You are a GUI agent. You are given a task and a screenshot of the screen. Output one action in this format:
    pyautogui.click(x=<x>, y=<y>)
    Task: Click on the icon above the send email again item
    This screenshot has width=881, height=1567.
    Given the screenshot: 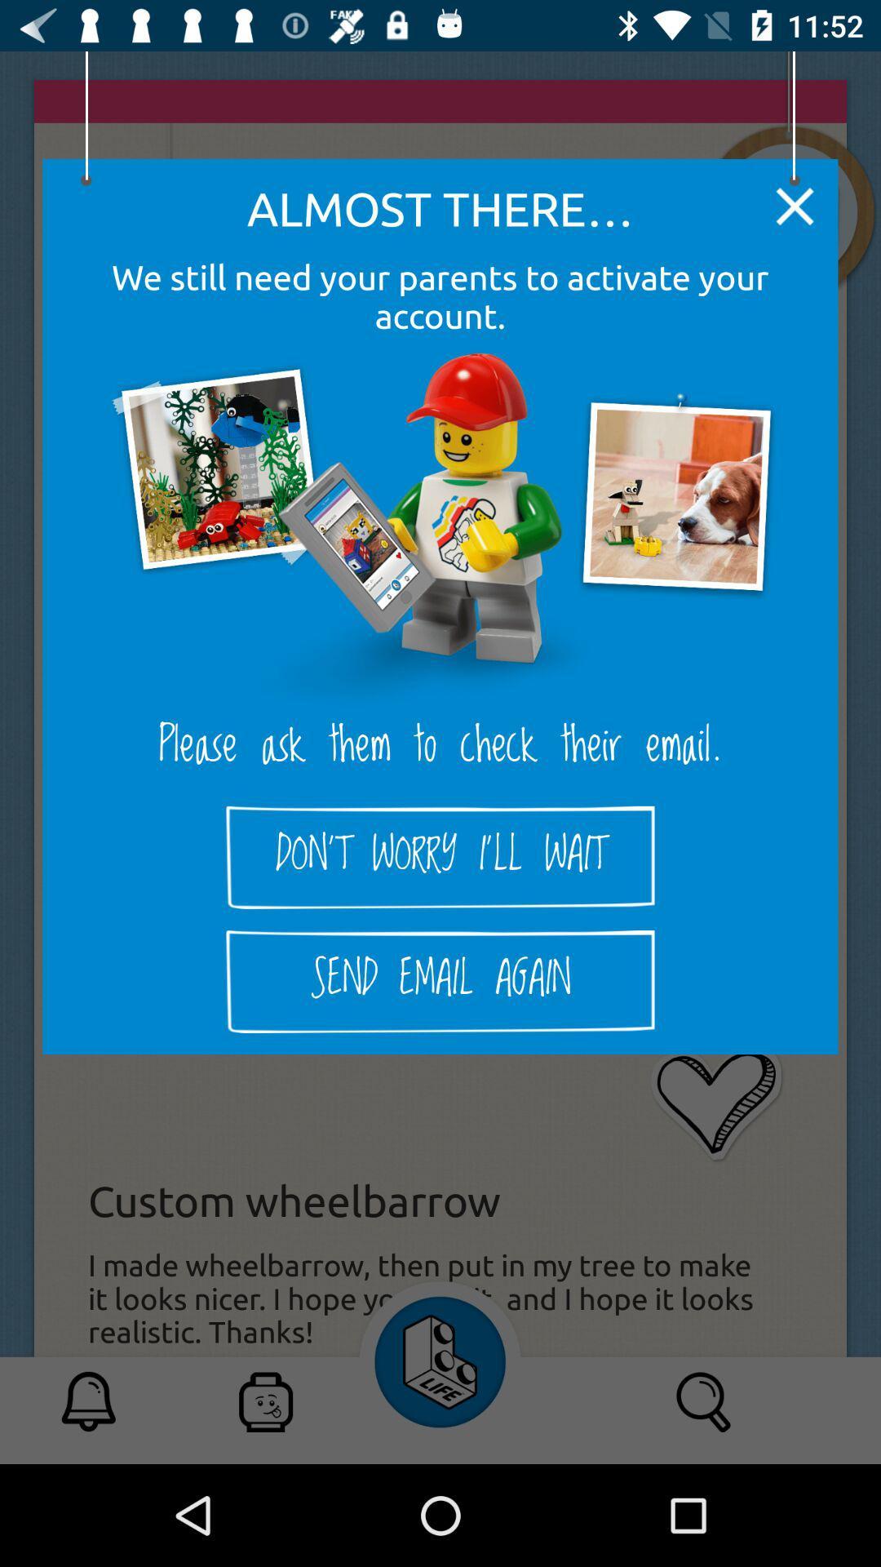 What is the action you would take?
    pyautogui.click(x=440, y=856)
    